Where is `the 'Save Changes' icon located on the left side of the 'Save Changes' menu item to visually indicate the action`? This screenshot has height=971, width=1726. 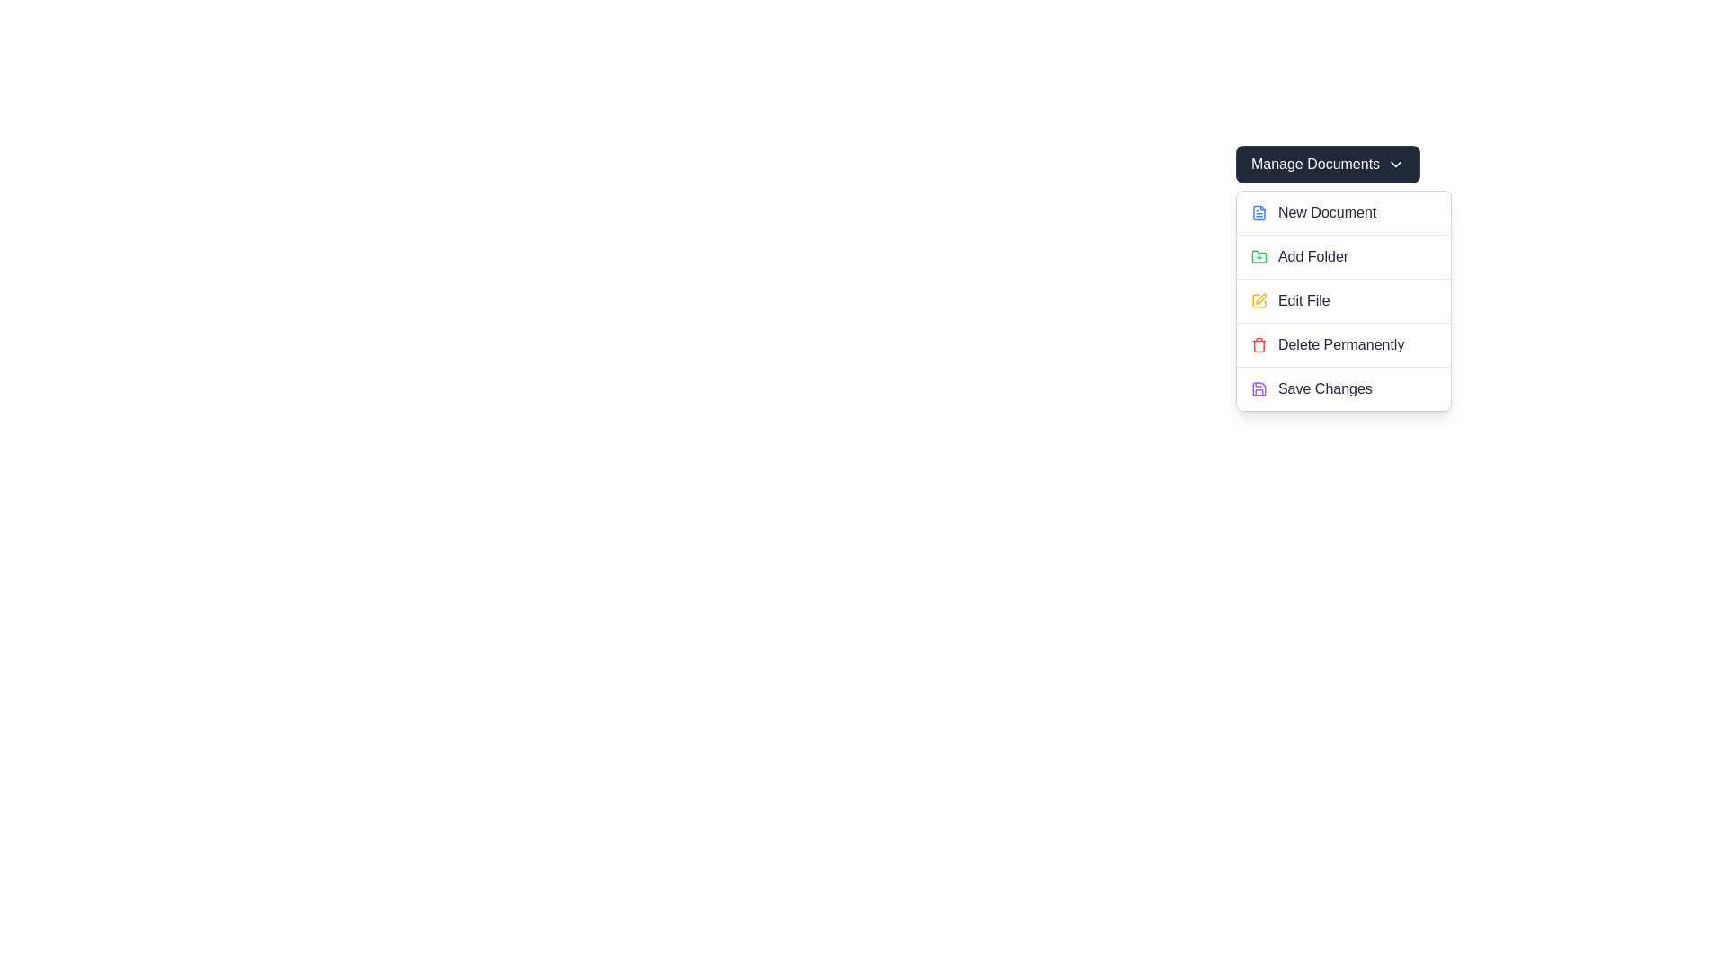 the 'Save Changes' icon located on the left side of the 'Save Changes' menu item to visually indicate the action is located at coordinates (1258, 388).